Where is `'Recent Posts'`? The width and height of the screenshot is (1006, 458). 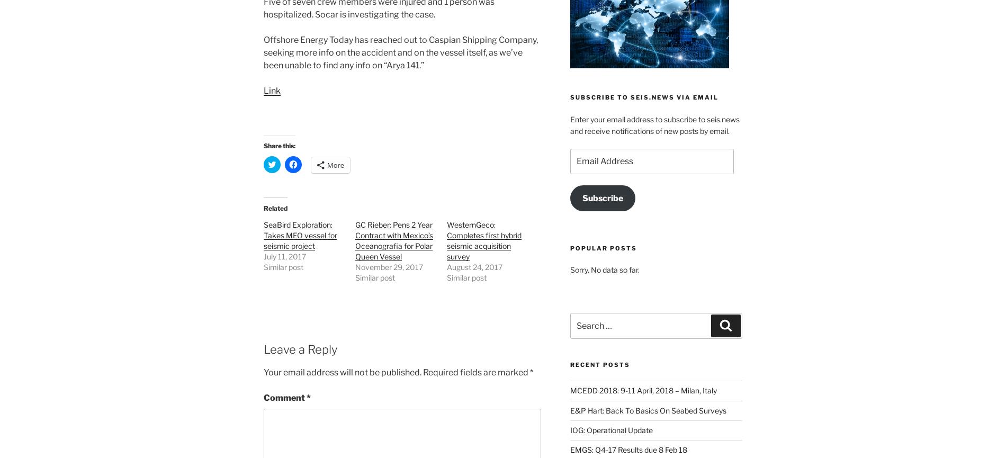
'Recent Posts' is located at coordinates (599, 364).